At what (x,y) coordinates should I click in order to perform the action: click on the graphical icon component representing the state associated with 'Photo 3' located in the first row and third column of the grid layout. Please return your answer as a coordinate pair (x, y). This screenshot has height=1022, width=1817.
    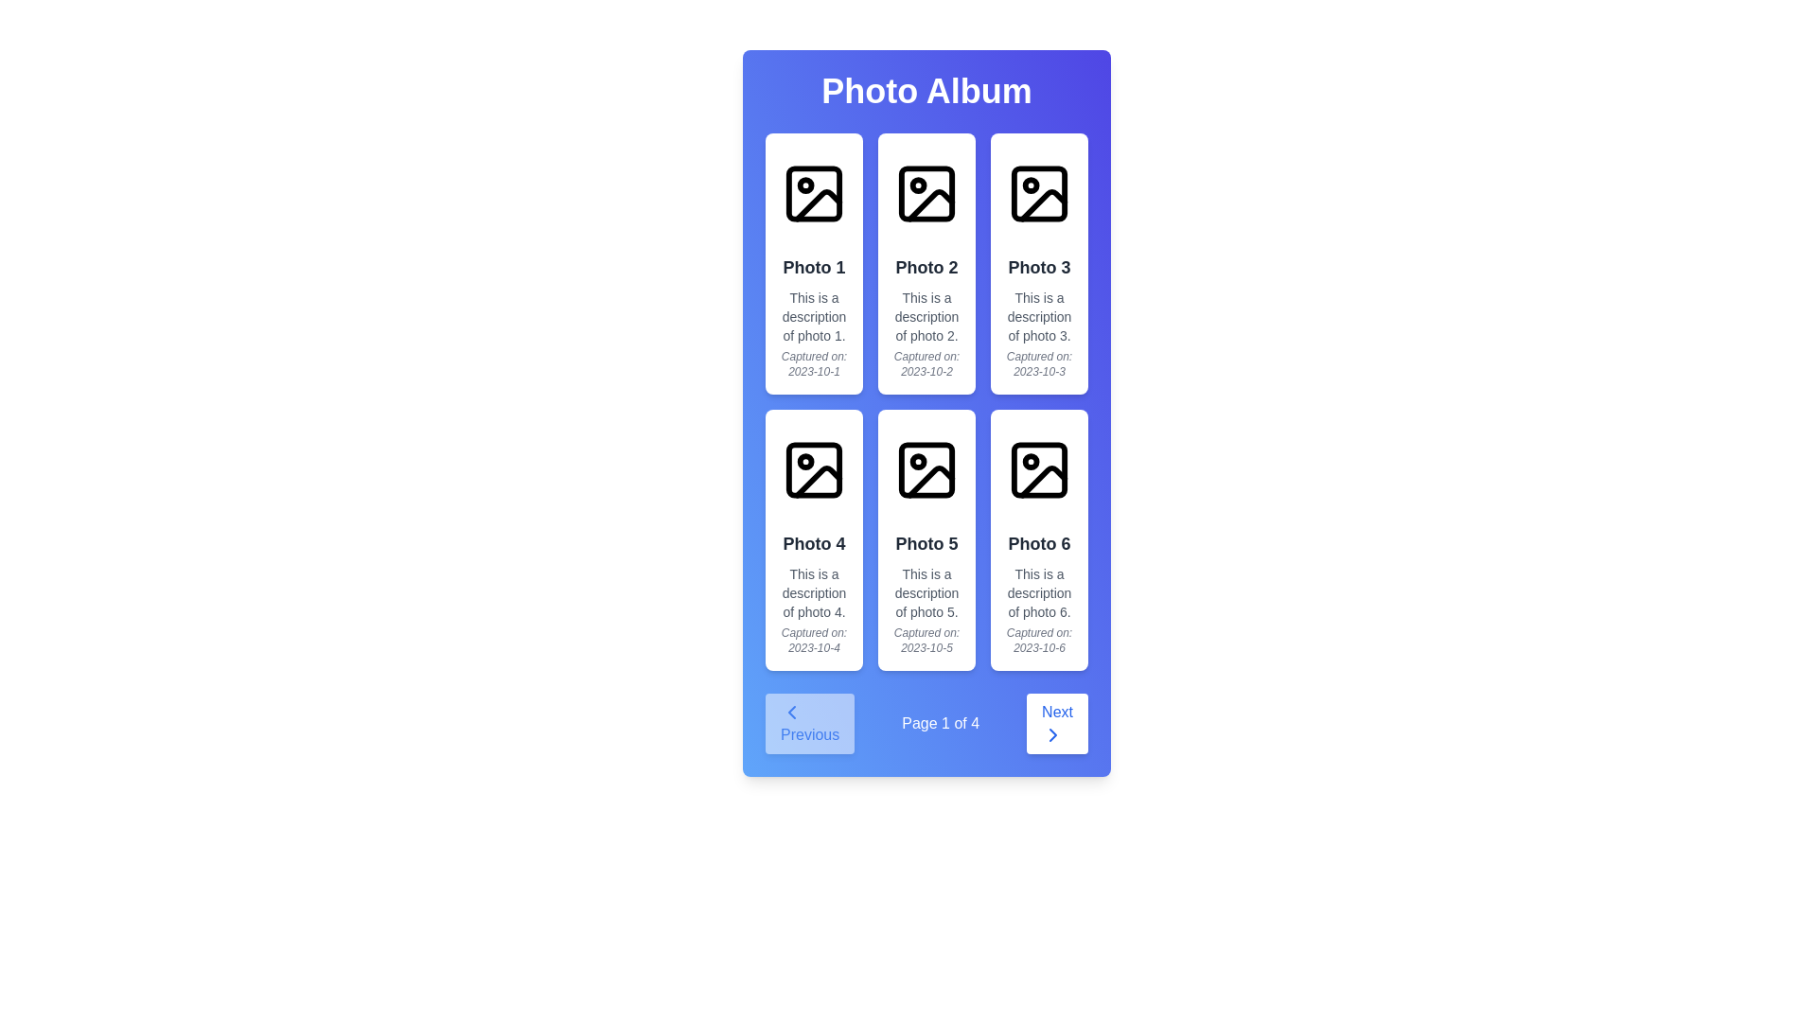
    Looking at the image, I should click on (1042, 205).